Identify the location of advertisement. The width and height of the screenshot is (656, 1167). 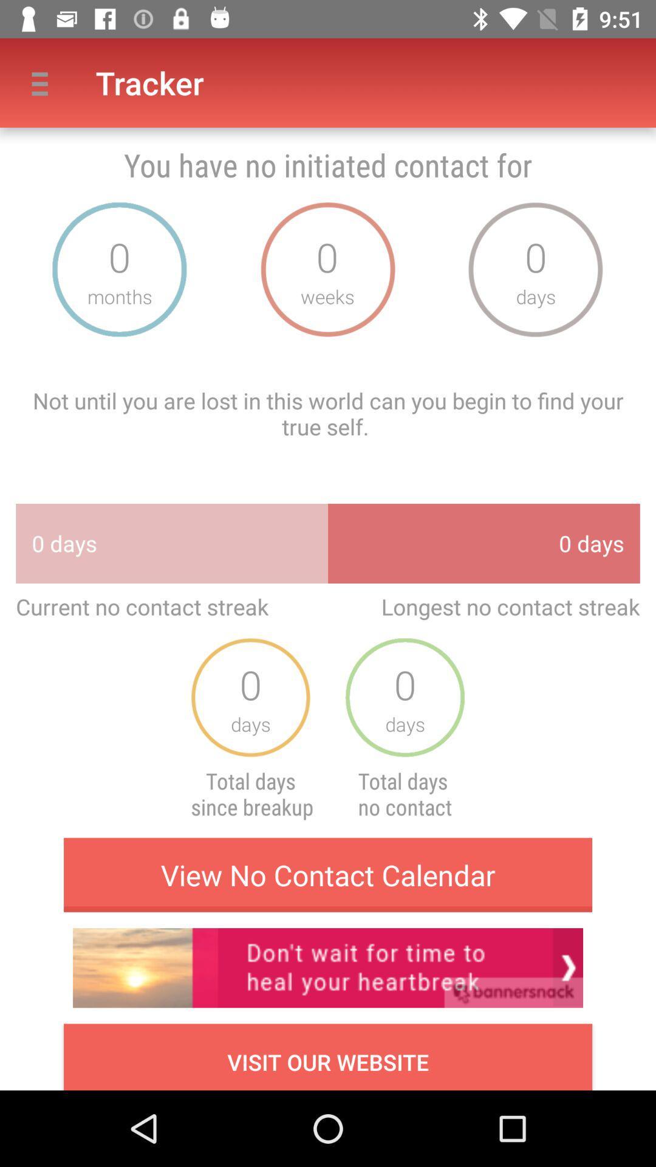
(328, 967).